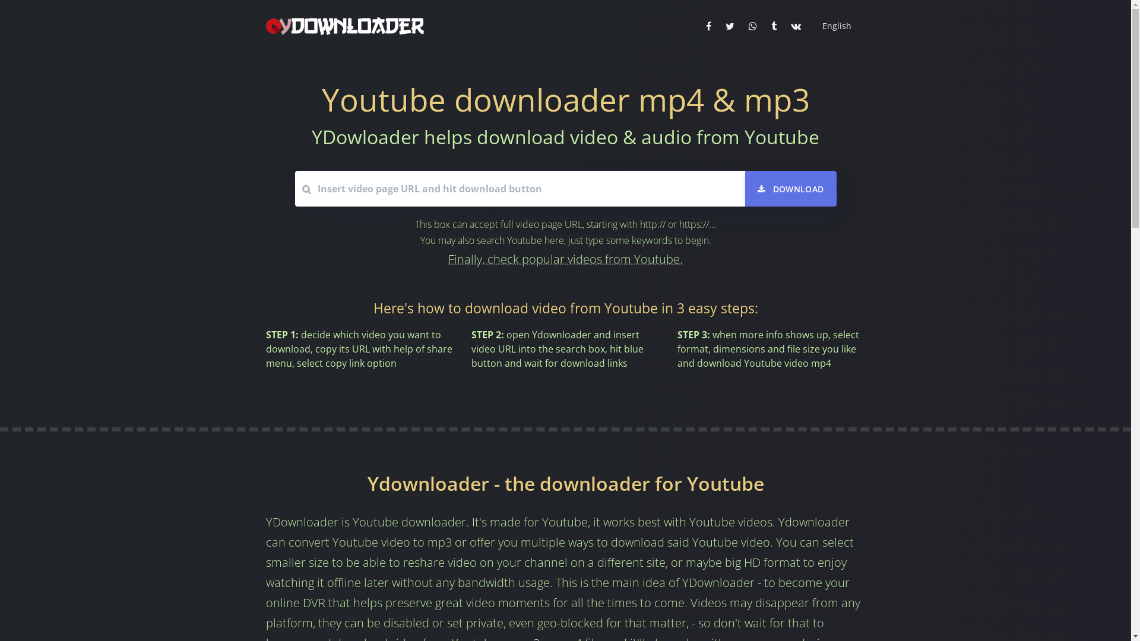 The height and width of the screenshot is (641, 1140). What do you see at coordinates (834, 26) in the screenshot?
I see `'English'` at bounding box center [834, 26].